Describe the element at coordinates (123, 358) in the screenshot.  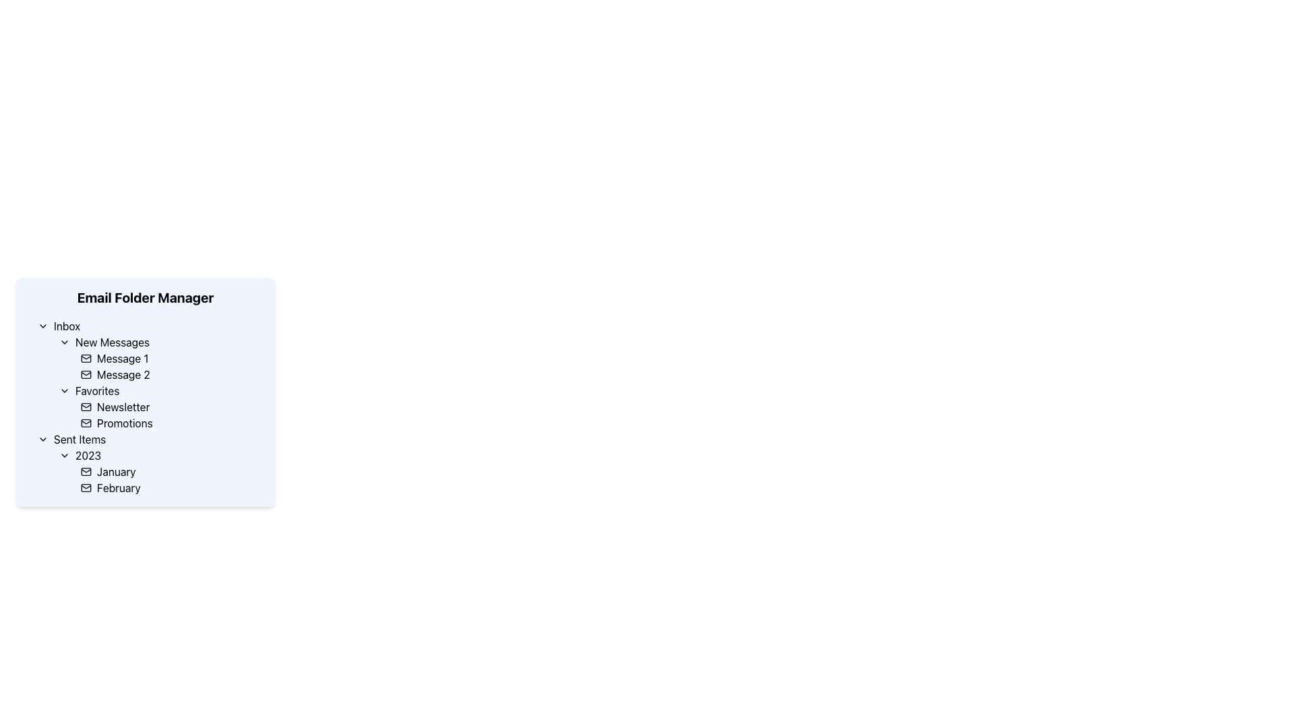
I see `the Text Label for 'Message 1'` at that location.